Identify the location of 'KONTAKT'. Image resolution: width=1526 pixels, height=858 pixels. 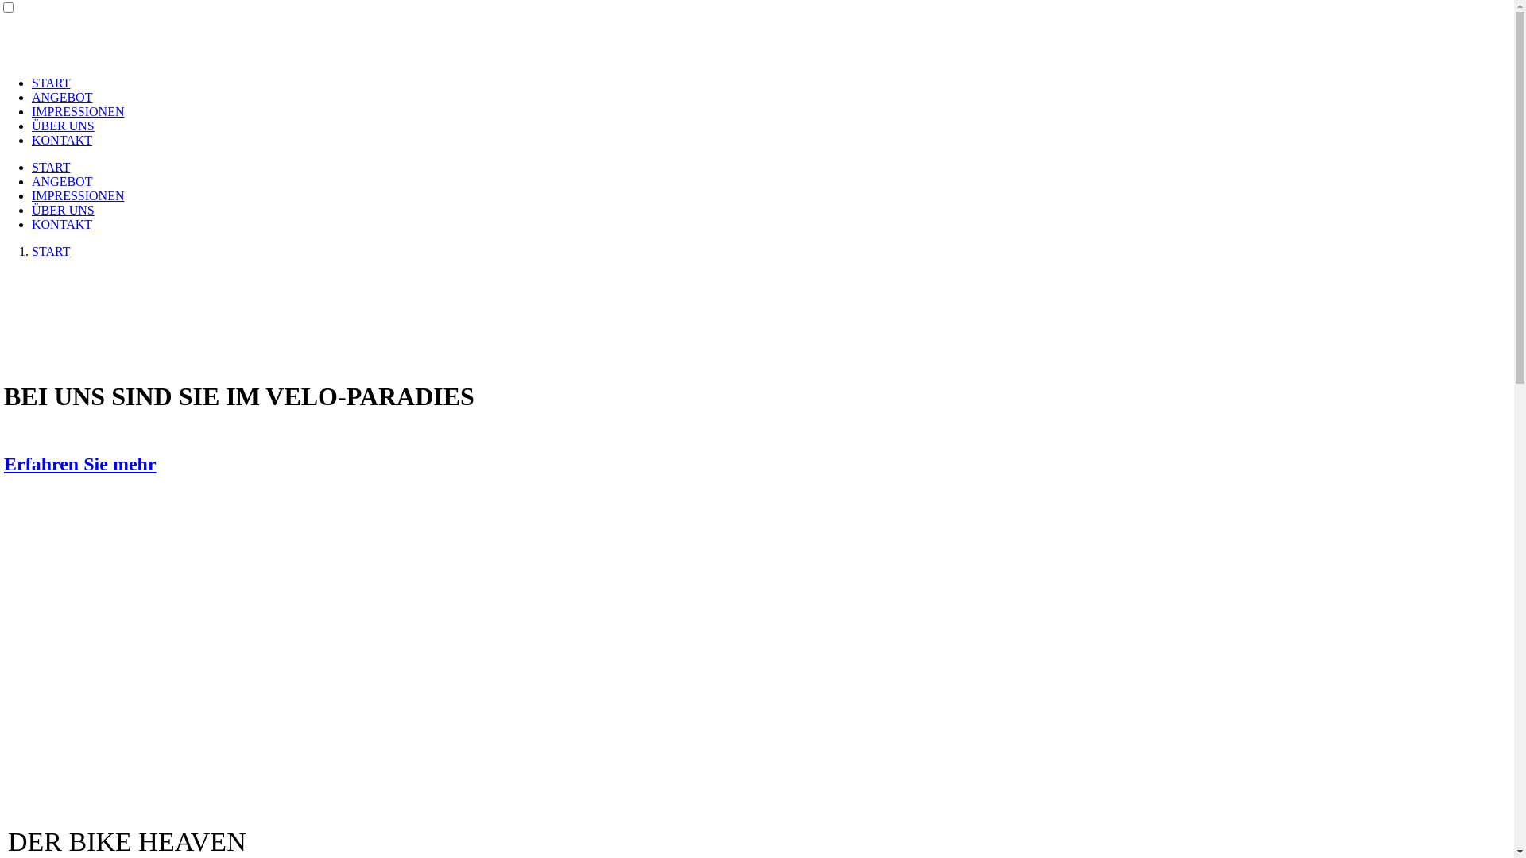
(61, 139).